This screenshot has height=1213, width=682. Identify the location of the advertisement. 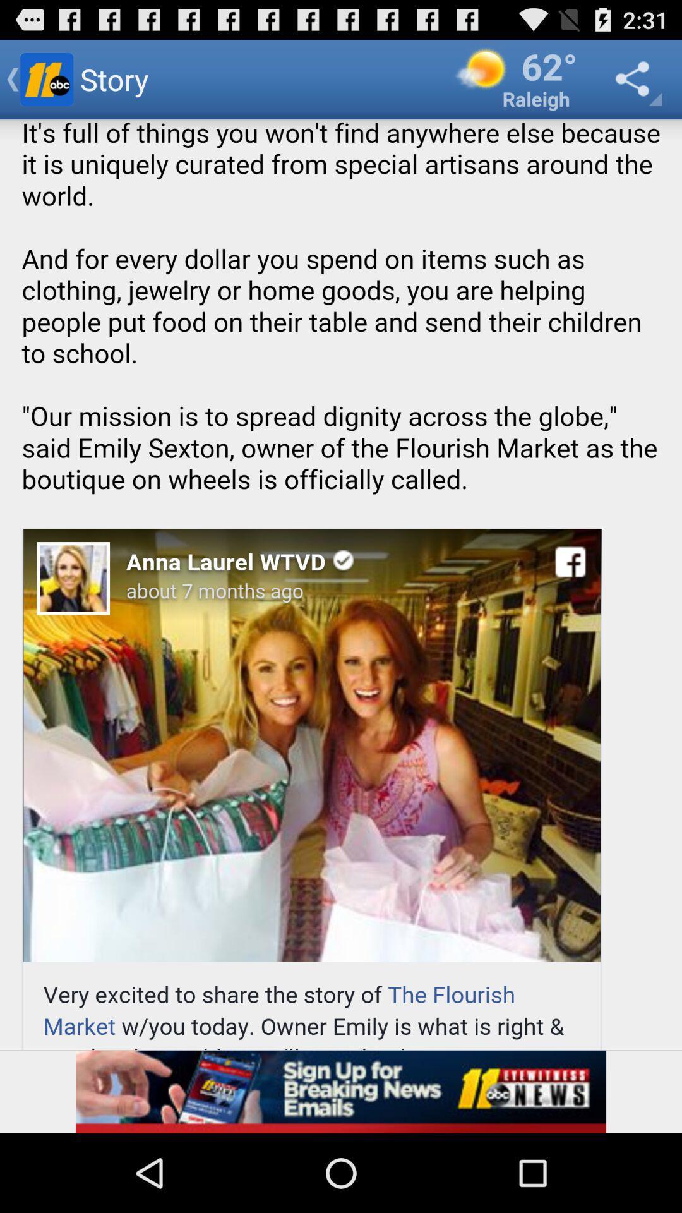
(341, 1091).